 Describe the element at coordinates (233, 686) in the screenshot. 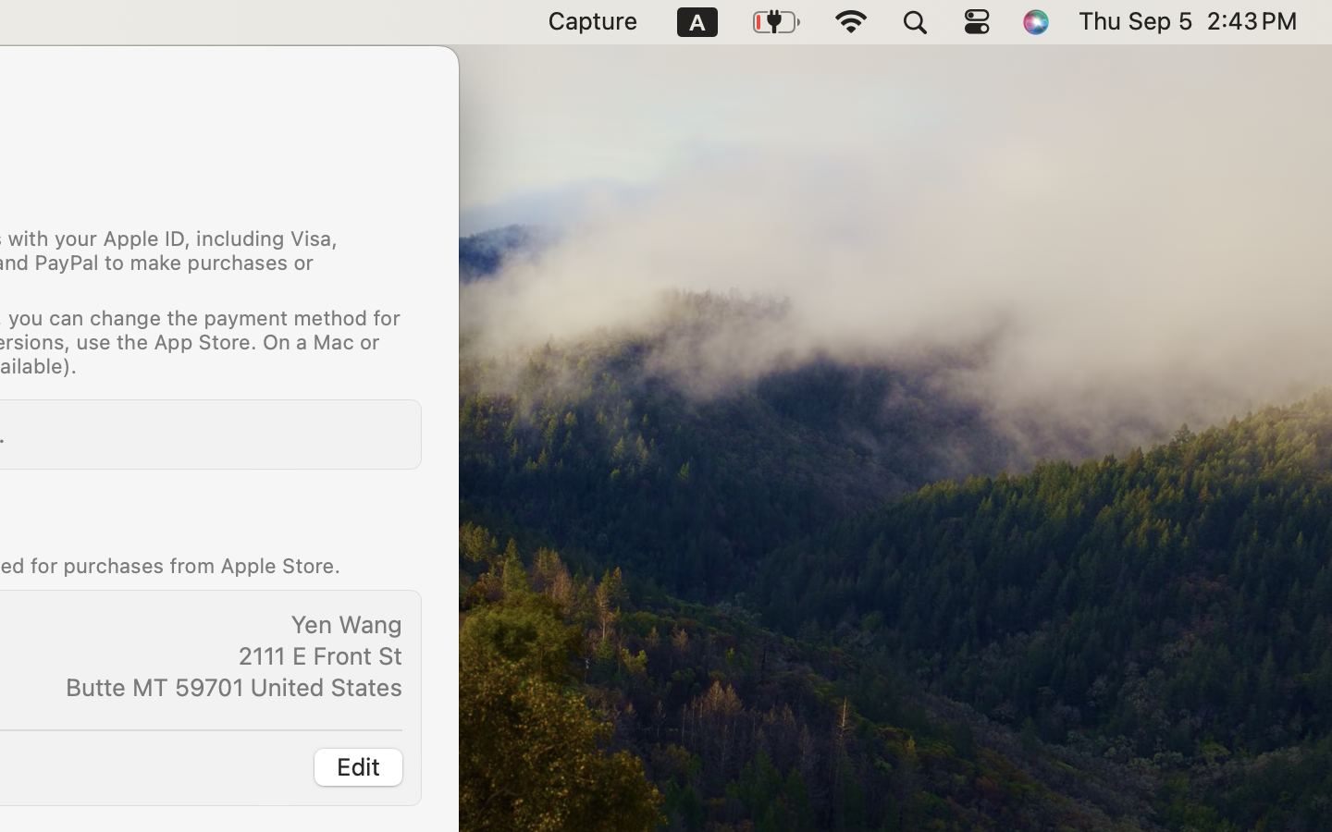

I see `'Butte MT 59701 United States'` at that location.